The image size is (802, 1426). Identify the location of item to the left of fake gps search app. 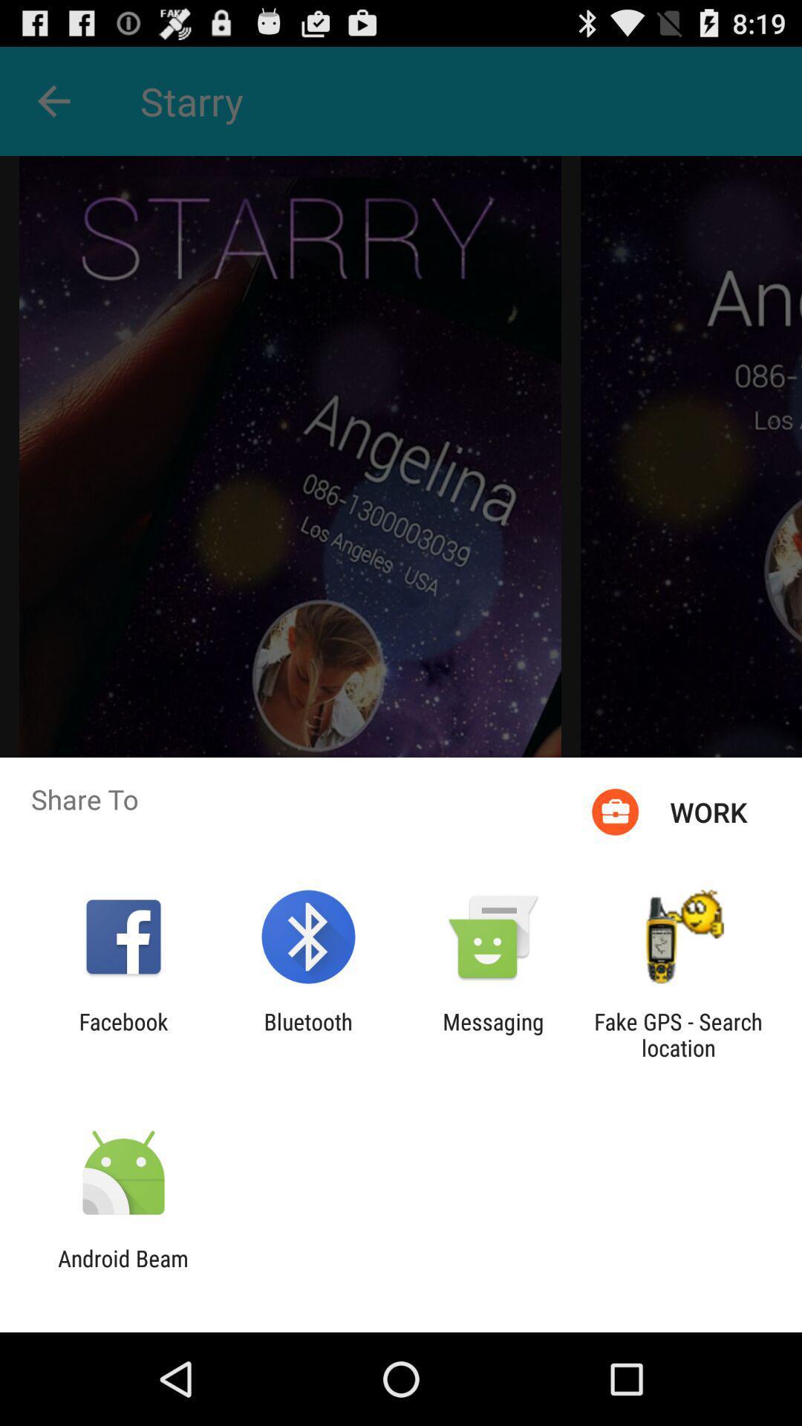
(493, 1034).